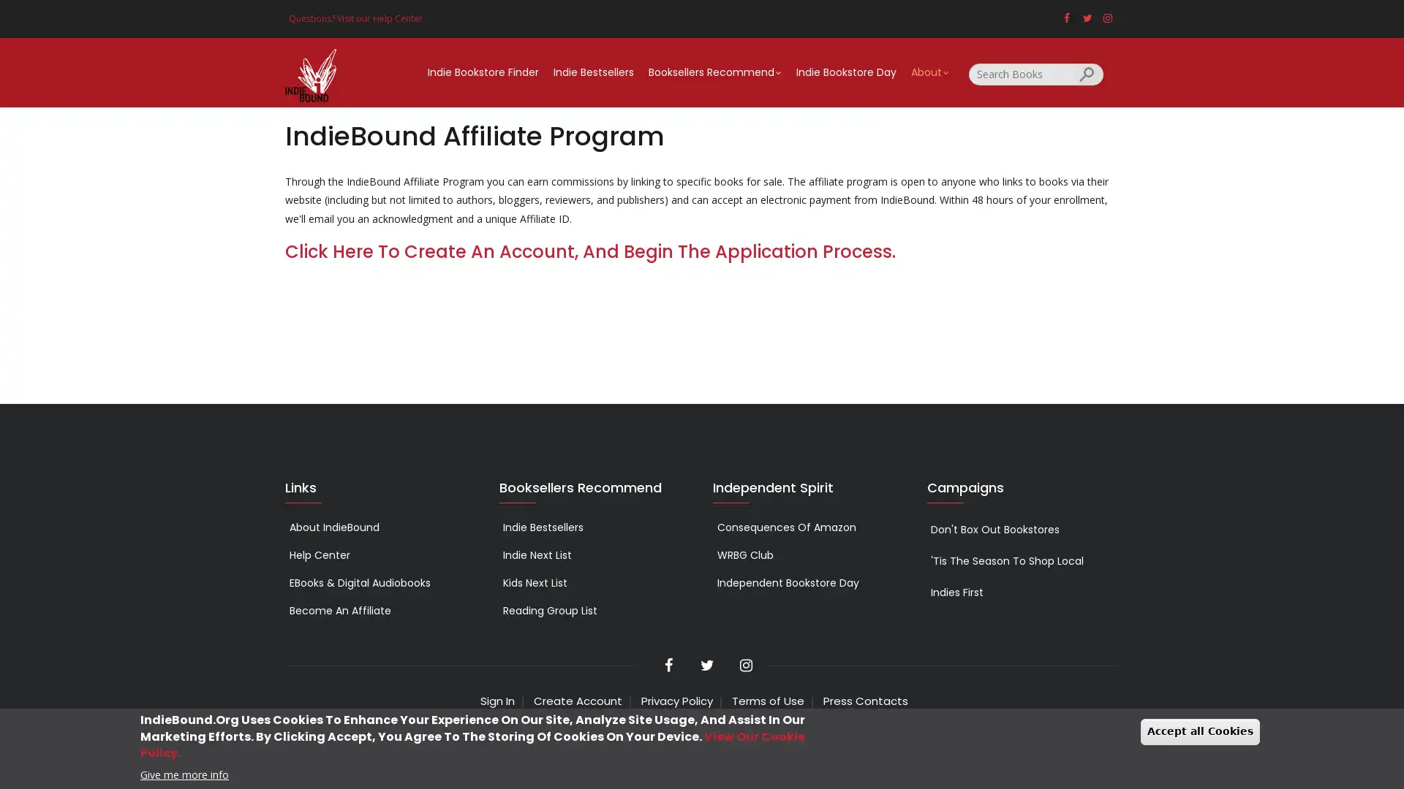 The image size is (1404, 789). I want to click on Accept all Cookies, so click(1200, 731).